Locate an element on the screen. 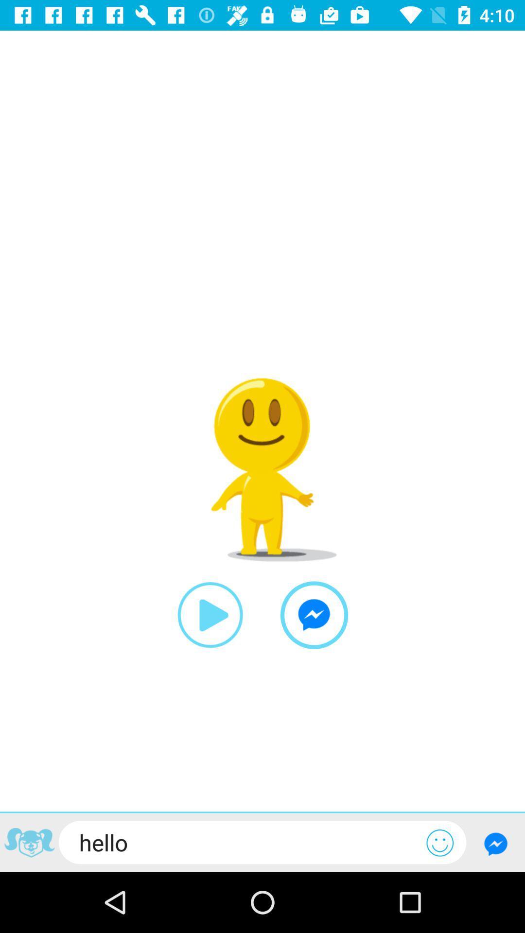  messenger is located at coordinates (495, 843).